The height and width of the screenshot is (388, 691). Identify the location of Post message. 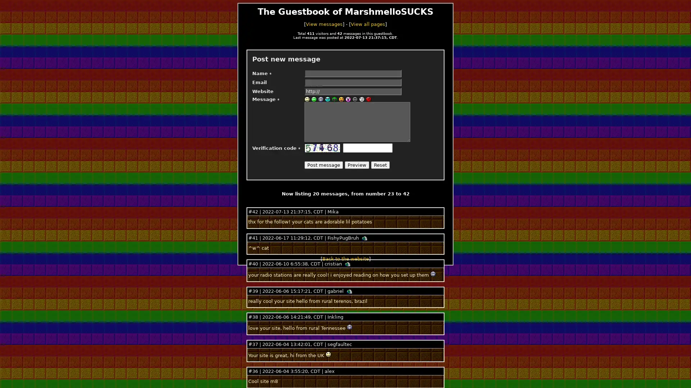
(323, 165).